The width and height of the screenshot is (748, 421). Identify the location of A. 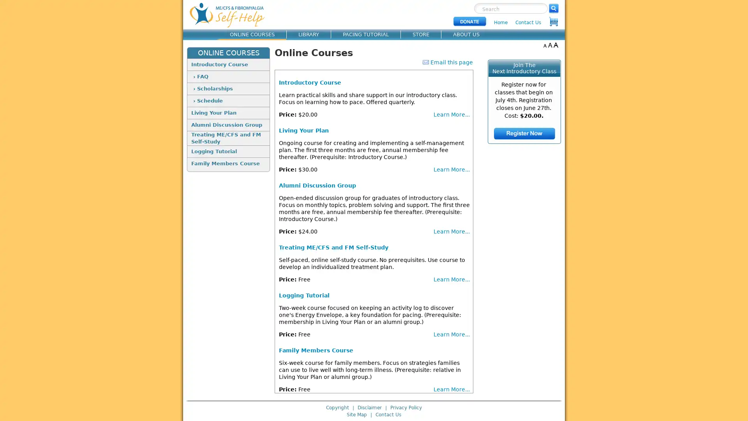
(544, 45).